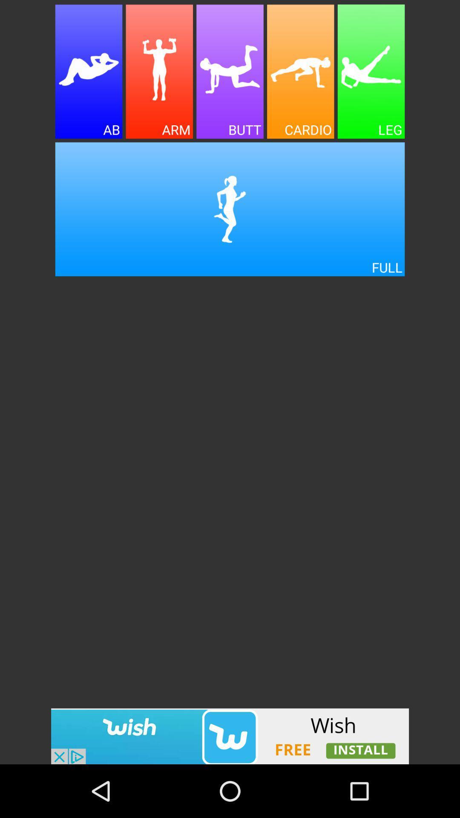 The image size is (460, 818). Describe the element at coordinates (159, 76) in the screenshot. I see `the gift icon` at that location.